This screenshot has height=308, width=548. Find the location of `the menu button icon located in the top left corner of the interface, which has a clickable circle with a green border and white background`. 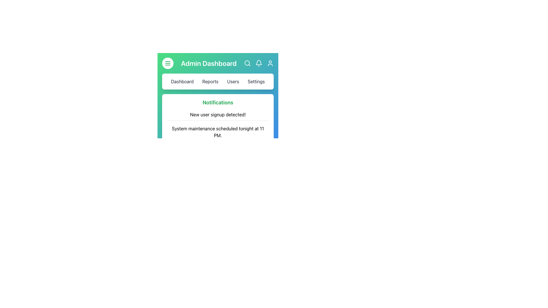

the menu button icon located in the top left corner of the interface, which has a clickable circle with a green border and white background is located at coordinates (168, 63).